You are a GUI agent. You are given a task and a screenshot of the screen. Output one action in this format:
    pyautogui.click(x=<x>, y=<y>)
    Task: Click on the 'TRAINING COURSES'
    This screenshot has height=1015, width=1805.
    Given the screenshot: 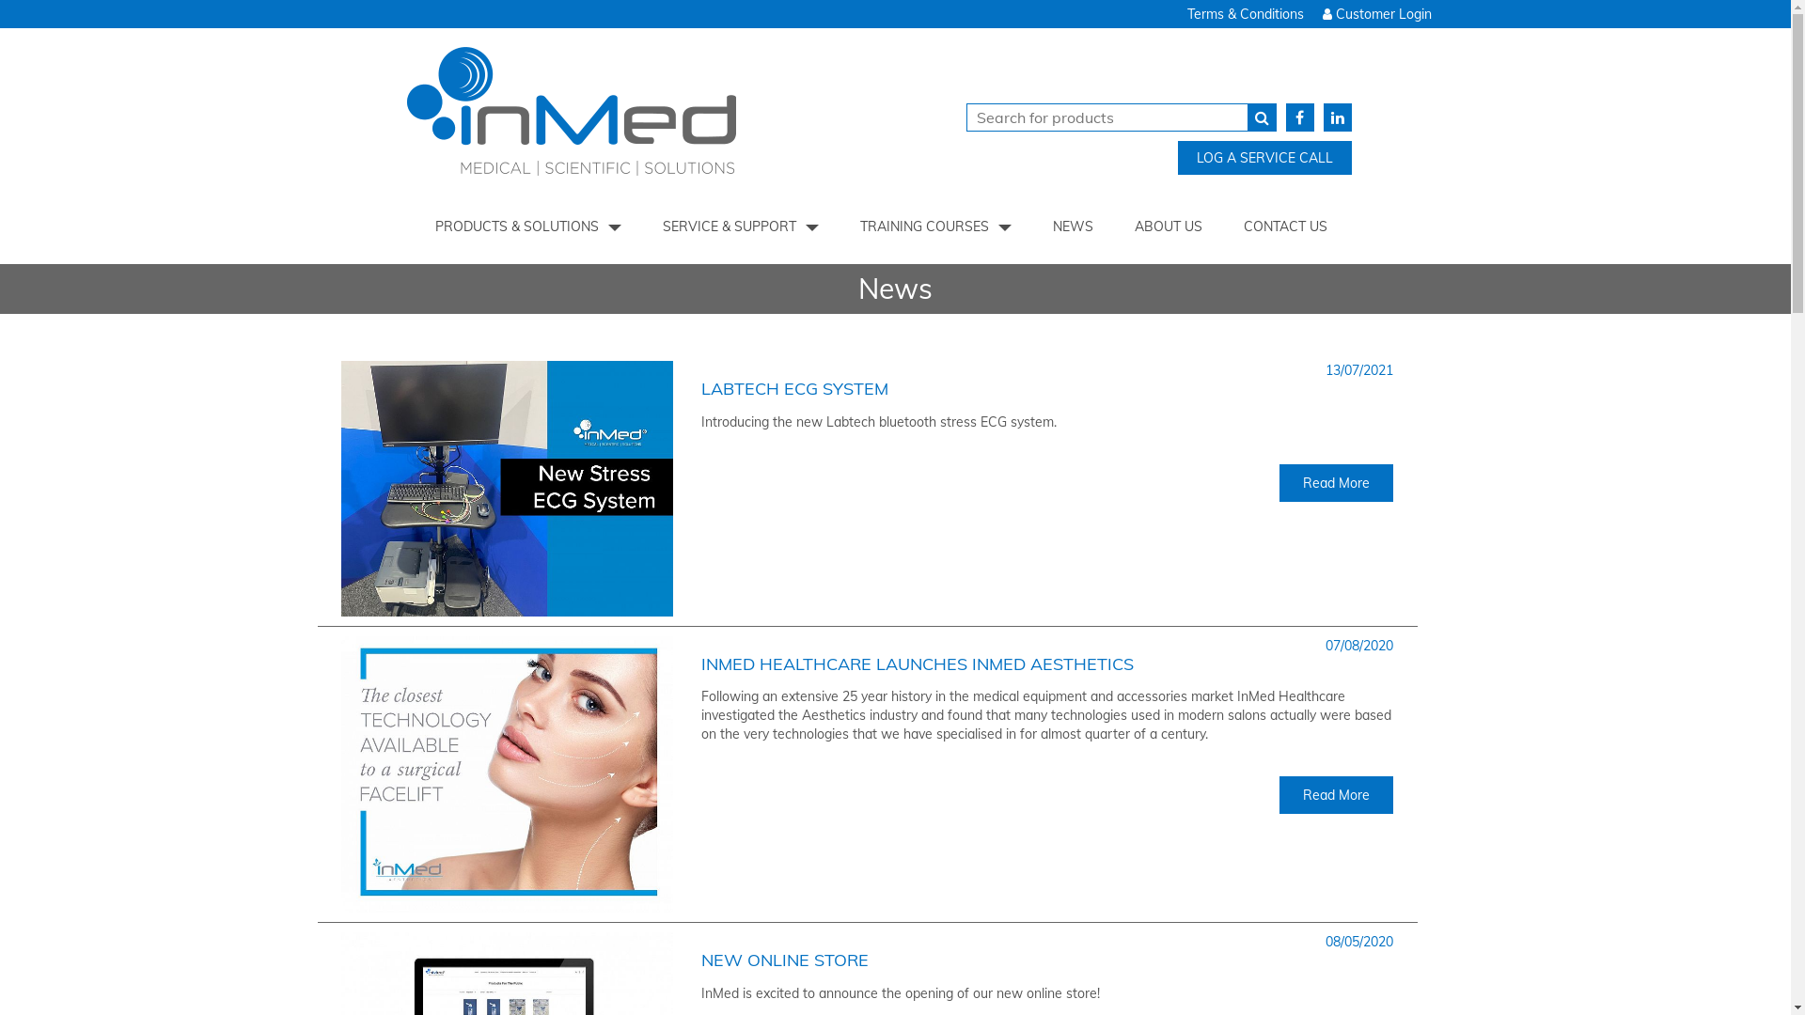 What is the action you would take?
    pyautogui.click(x=935, y=225)
    